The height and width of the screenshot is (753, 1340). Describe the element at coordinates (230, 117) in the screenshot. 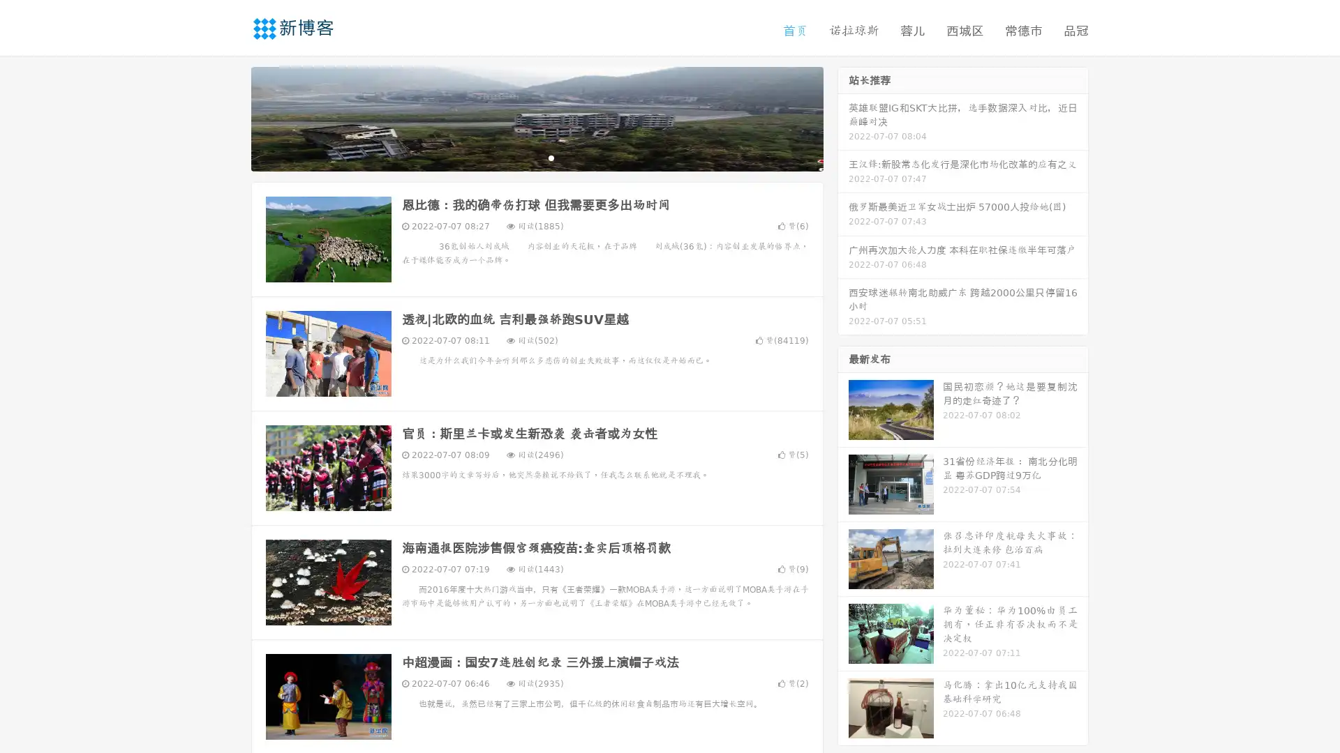

I see `Previous slide` at that location.